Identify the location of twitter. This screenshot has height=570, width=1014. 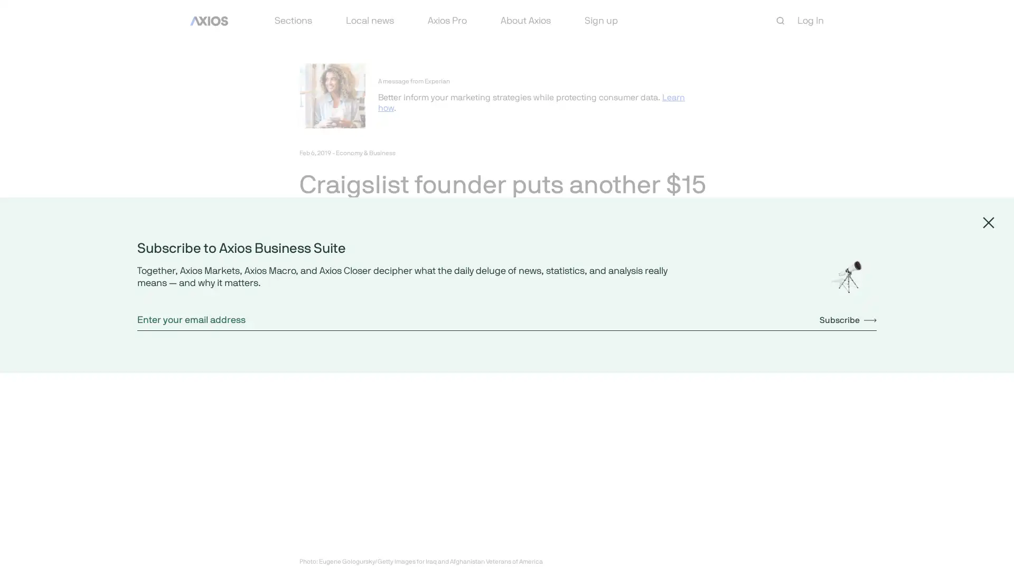
(332, 287).